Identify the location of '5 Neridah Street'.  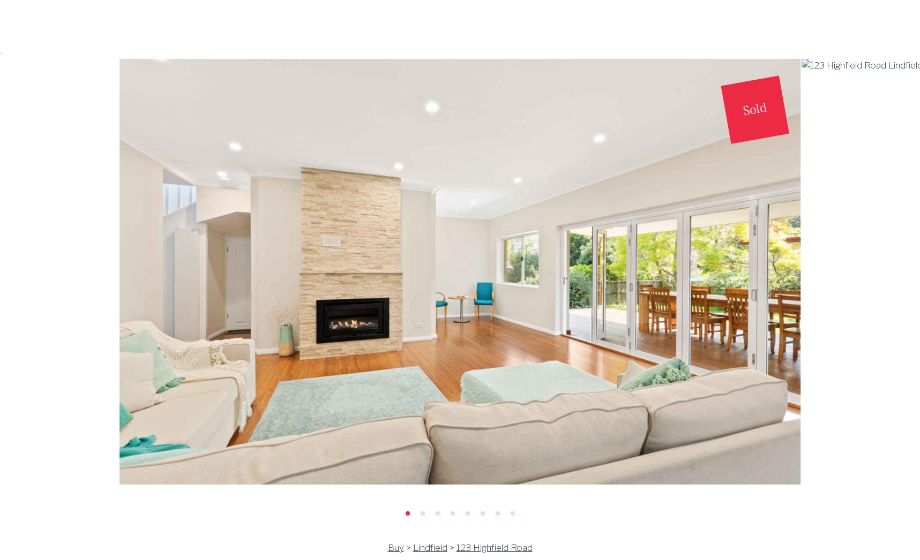
(214, 200).